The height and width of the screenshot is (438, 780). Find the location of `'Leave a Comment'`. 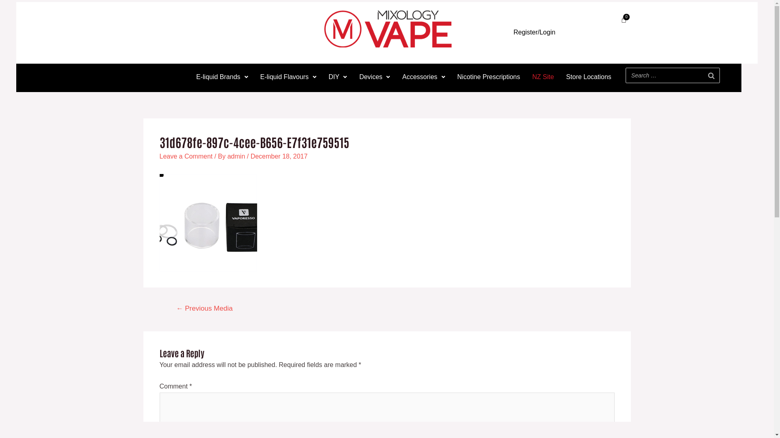

'Leave a Comment' is located at coordinates (159, 156).